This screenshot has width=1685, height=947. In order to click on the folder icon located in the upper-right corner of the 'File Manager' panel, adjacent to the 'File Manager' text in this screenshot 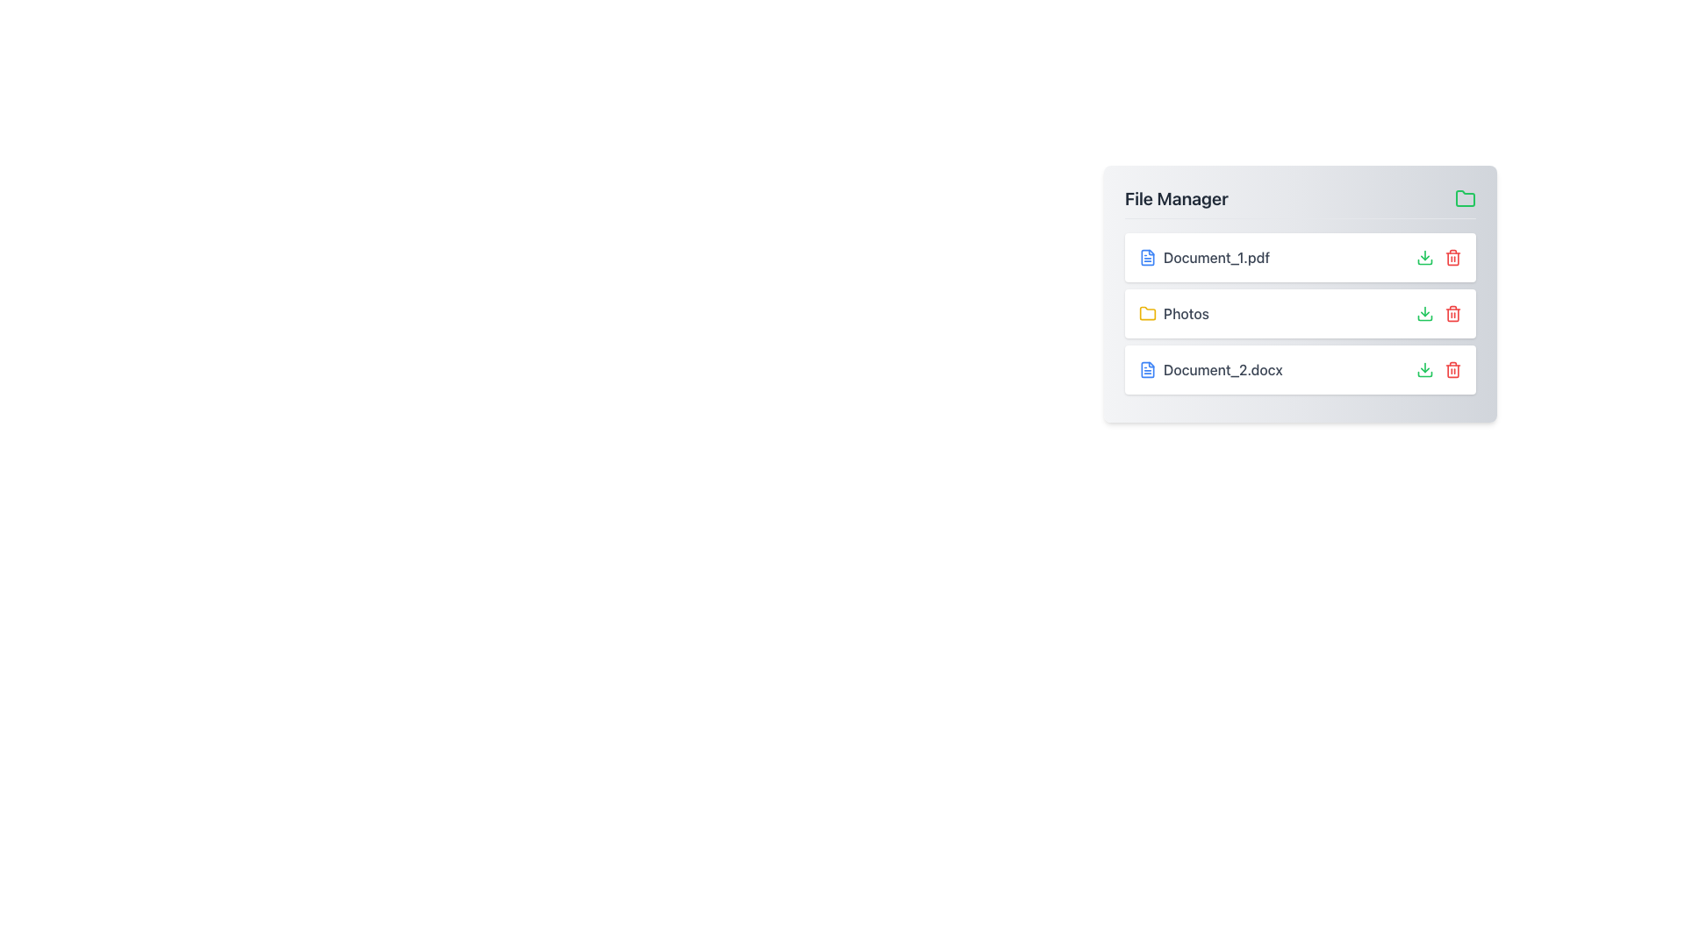, I will do `click(1466, 198)`.